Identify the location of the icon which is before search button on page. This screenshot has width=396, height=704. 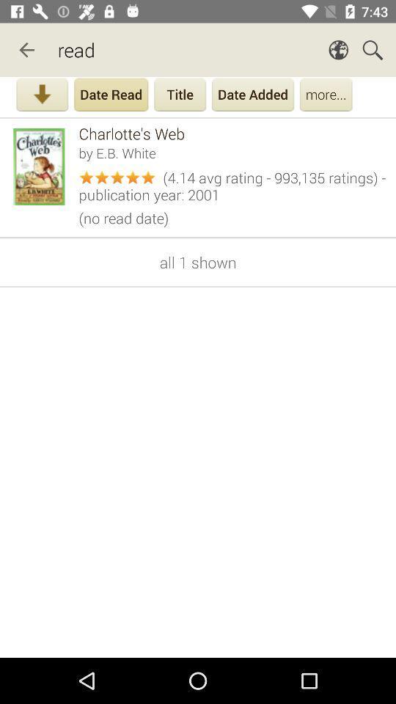
(338, 50).